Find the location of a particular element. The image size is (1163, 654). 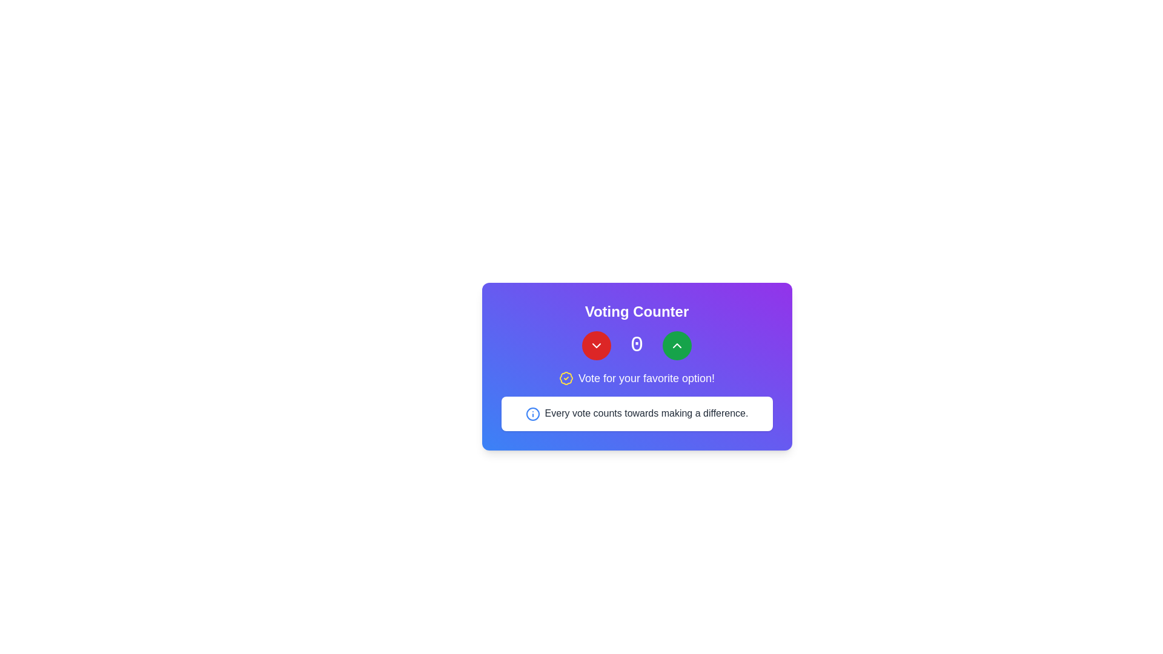

the small, circular green button with a white upward-pointing chevron icon to increase the counter is located at coordinates (677, 345).